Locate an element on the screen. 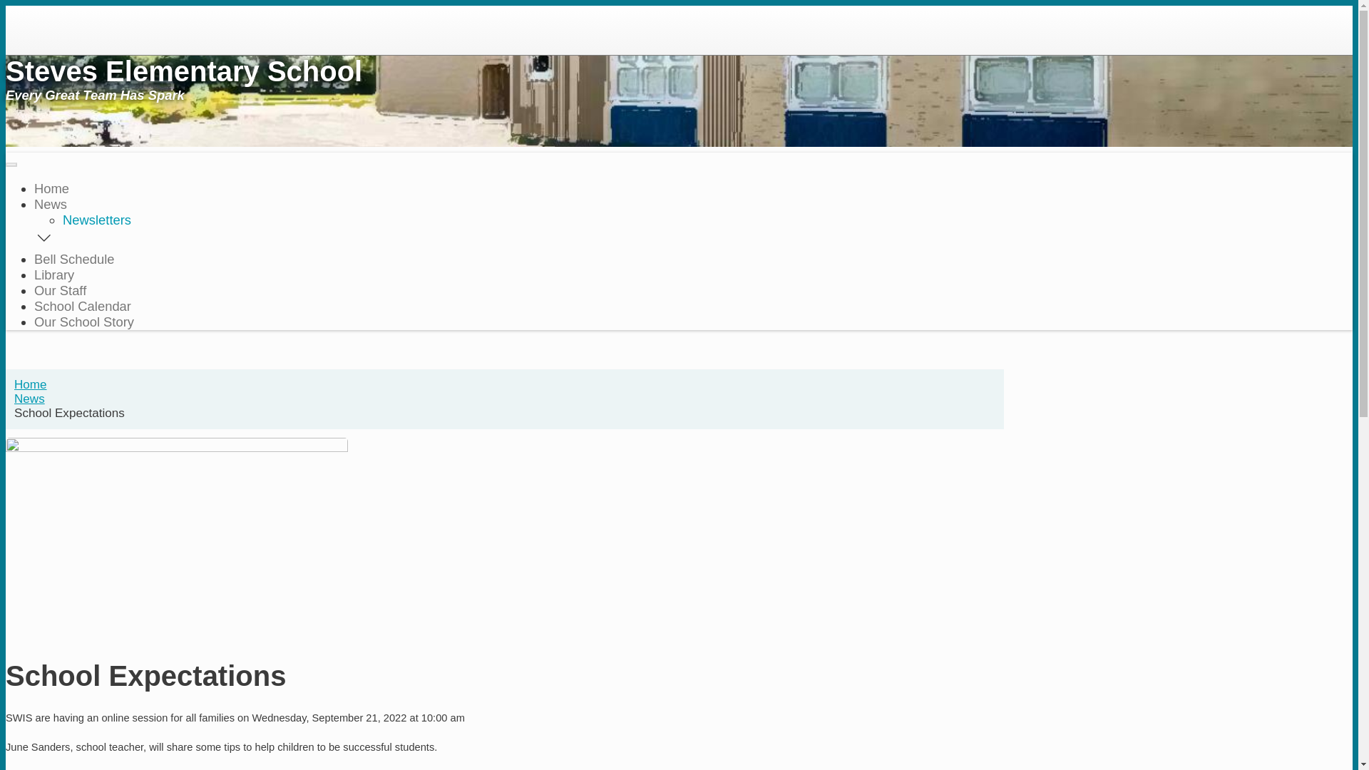 The height and width of the screenshot is (770, 1369). 'News' is located at coordinates (51, 204).